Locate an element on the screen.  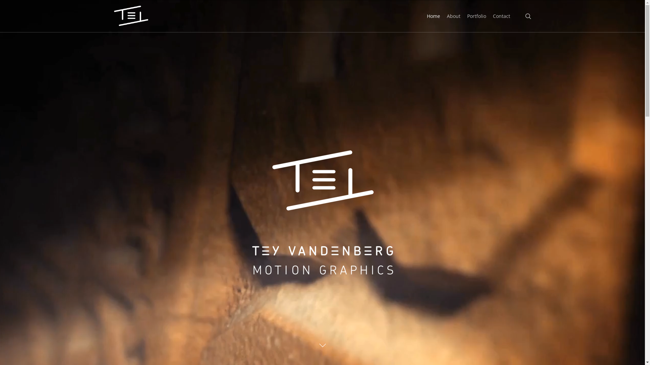
'Portfolio' is located at coordinates (476, 16).